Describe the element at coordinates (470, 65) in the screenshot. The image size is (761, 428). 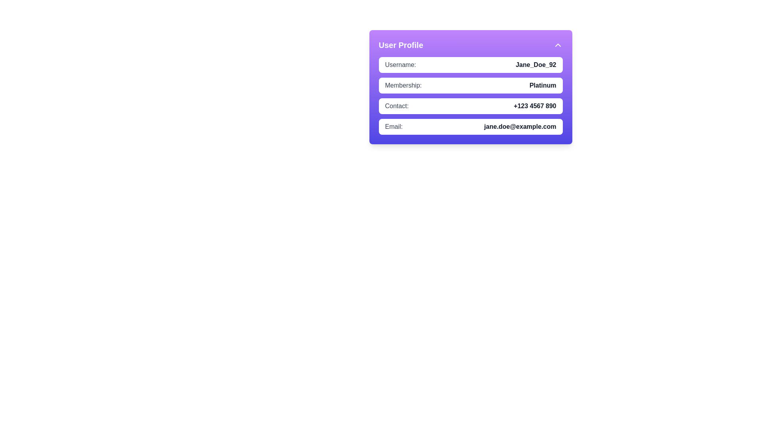
I see `the Information display block that shows the username information, positioned at the top of the User Profile card, directly above the Membership section` at that location.